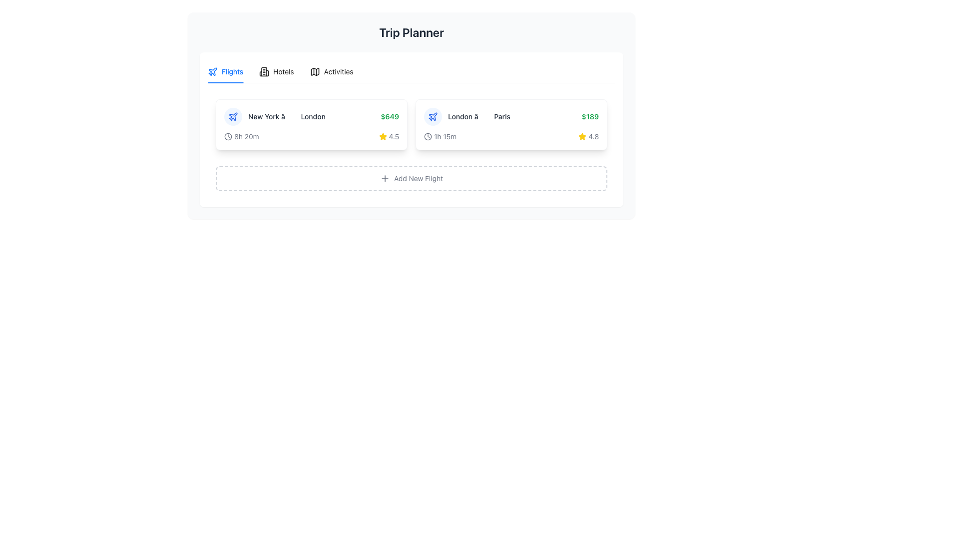 Image resolution: width=959 pixels, height=539 pixels. I want to click on the decorative underline indicator located beneath the 'Flights' label, which denotes the active tab in the navigation system, so click(225, 82).